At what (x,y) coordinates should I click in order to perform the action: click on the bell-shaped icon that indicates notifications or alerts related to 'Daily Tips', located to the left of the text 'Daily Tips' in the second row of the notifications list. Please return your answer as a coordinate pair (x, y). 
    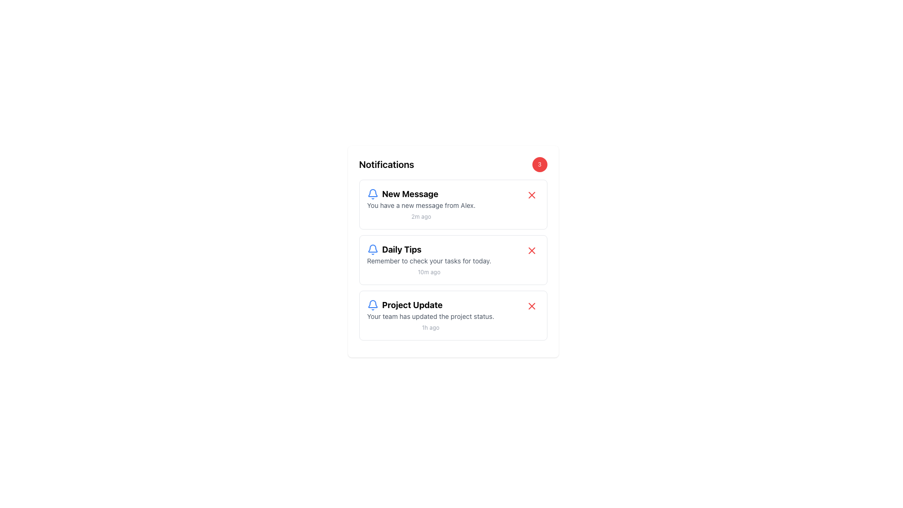
    Looking at the image, I should click on (372, 249).